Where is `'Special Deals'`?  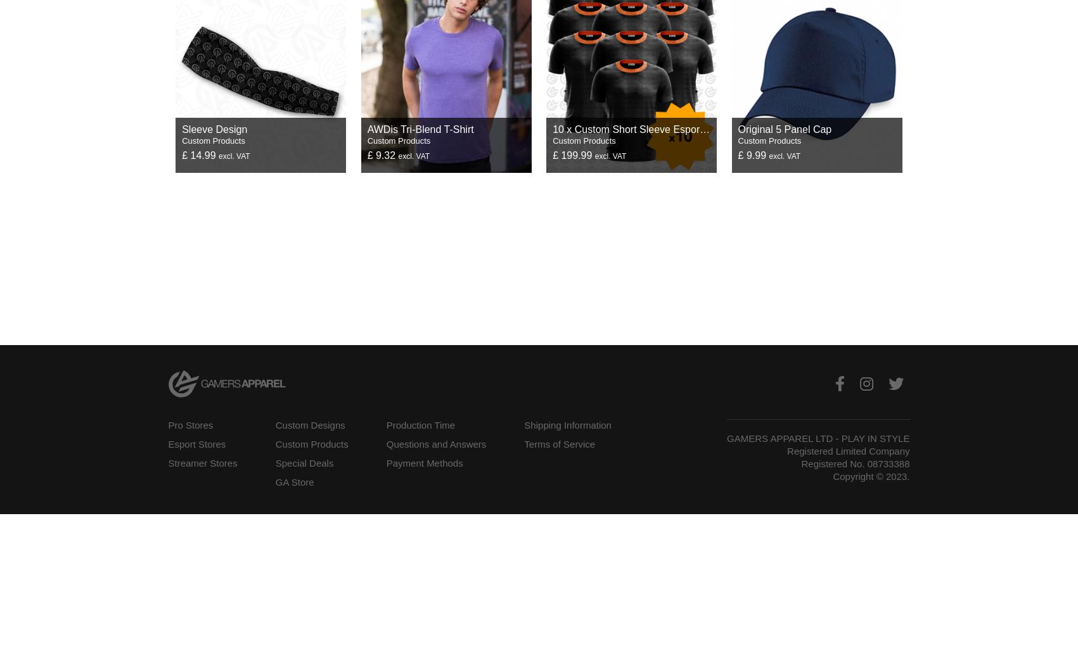
'Special Deals' is located at coordinates (304, 463).